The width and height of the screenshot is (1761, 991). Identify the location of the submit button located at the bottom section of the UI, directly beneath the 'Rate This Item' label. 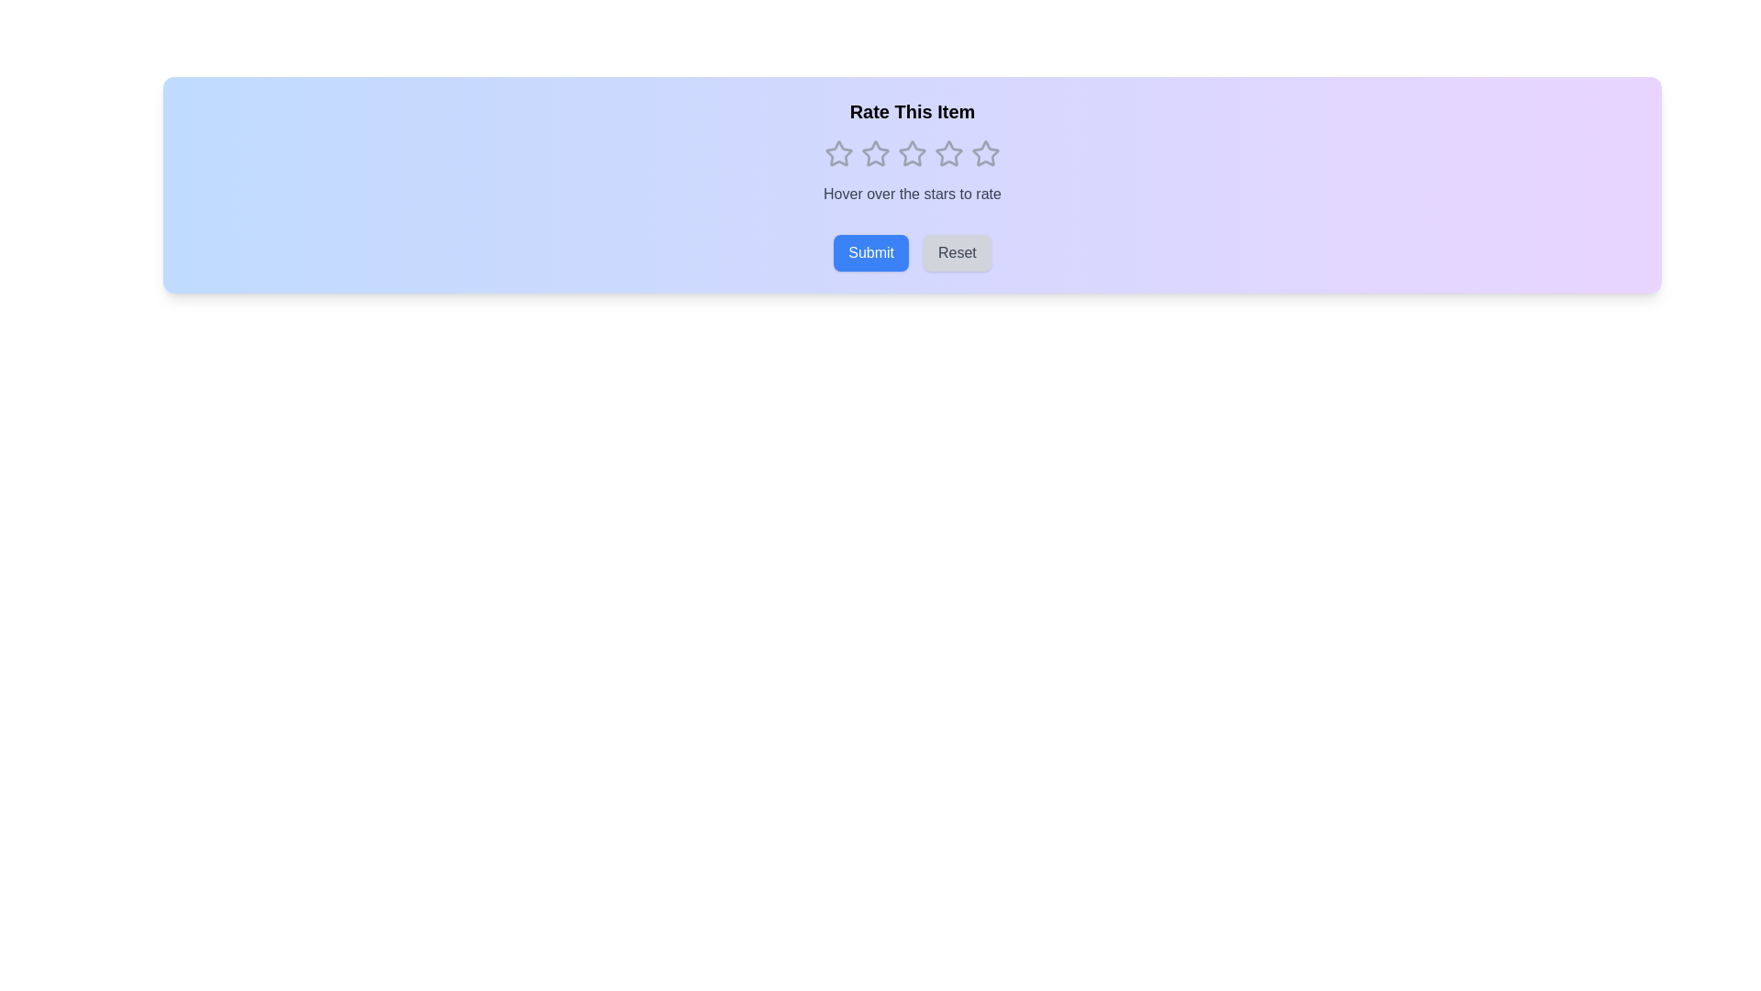
(870, 253).